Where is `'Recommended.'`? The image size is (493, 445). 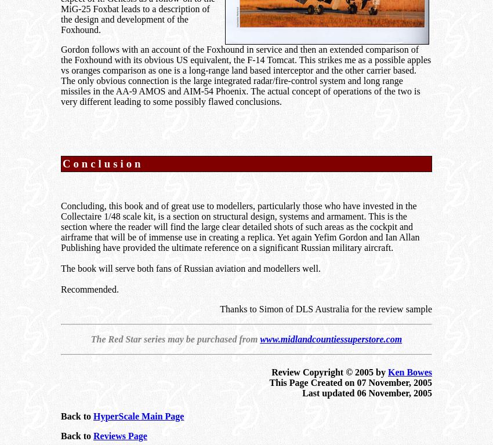
'Recommended.' is located at coordinates (89, 289).